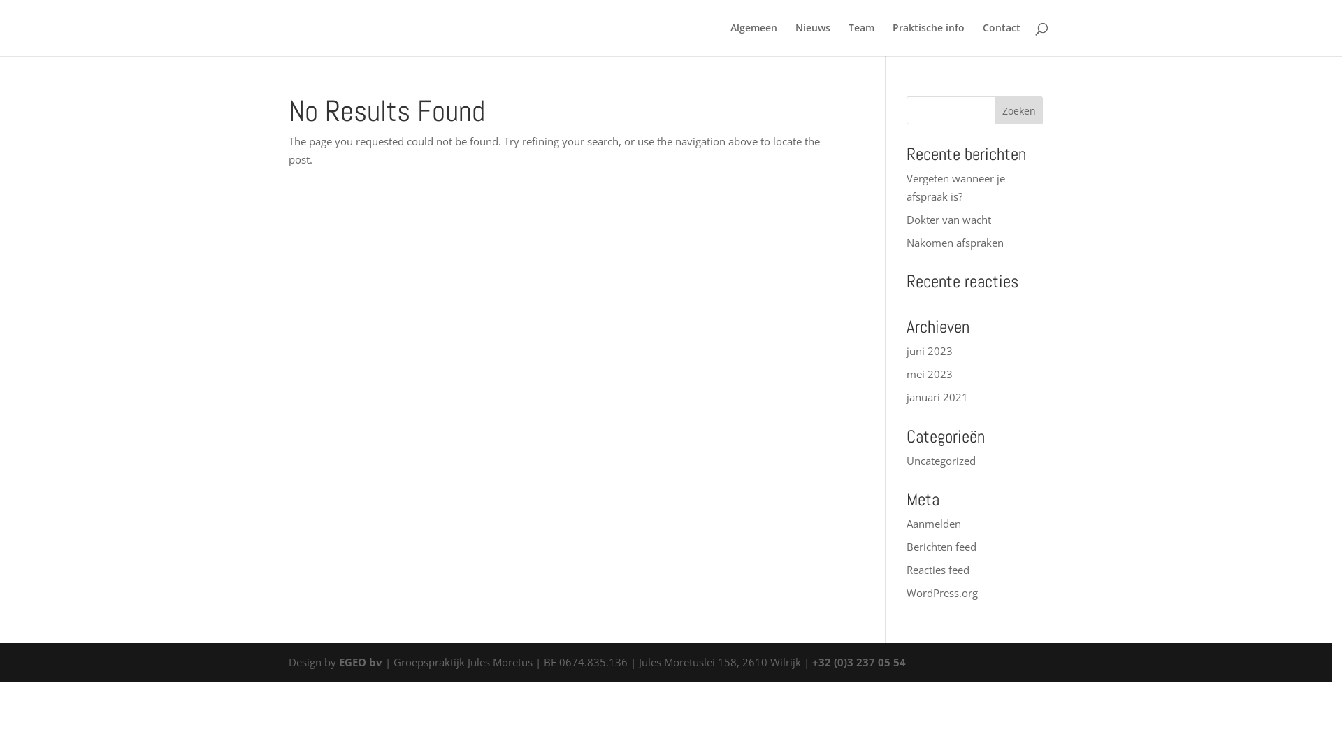 This screenshot has width=1342, height=755. I want to click on '+32 (0)3 237 05 54', so click(858, 661).